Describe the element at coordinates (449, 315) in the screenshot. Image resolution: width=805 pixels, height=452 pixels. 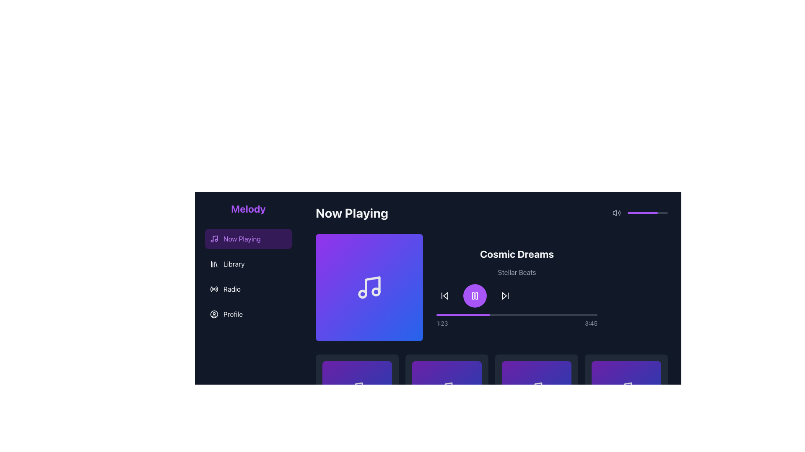
I see `the playback progress` at that location.